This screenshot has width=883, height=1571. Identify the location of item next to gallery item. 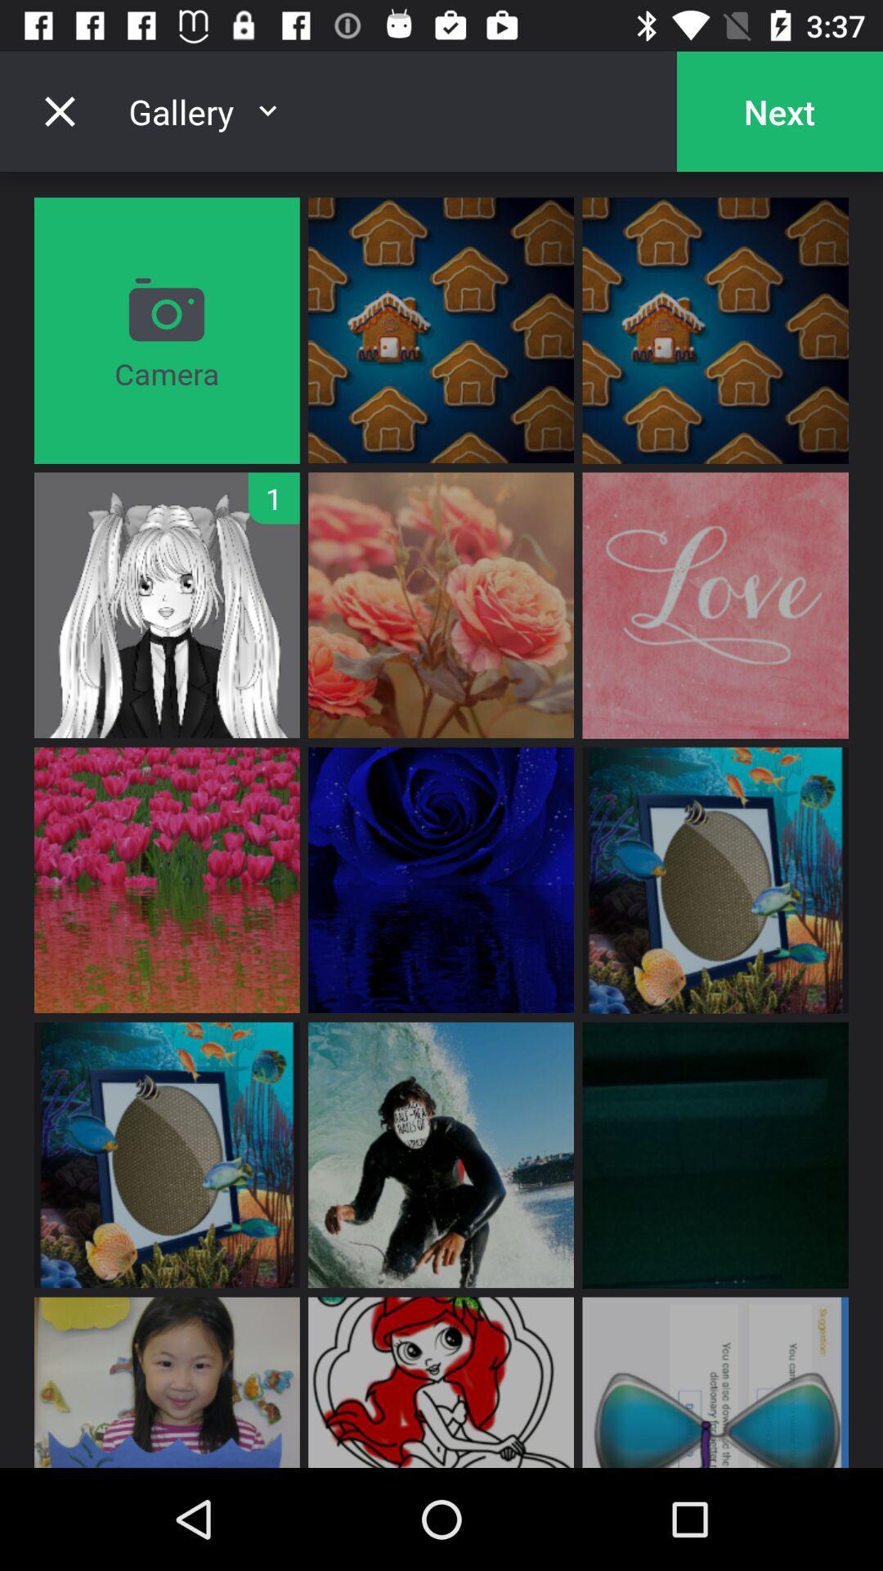
(59, 110).